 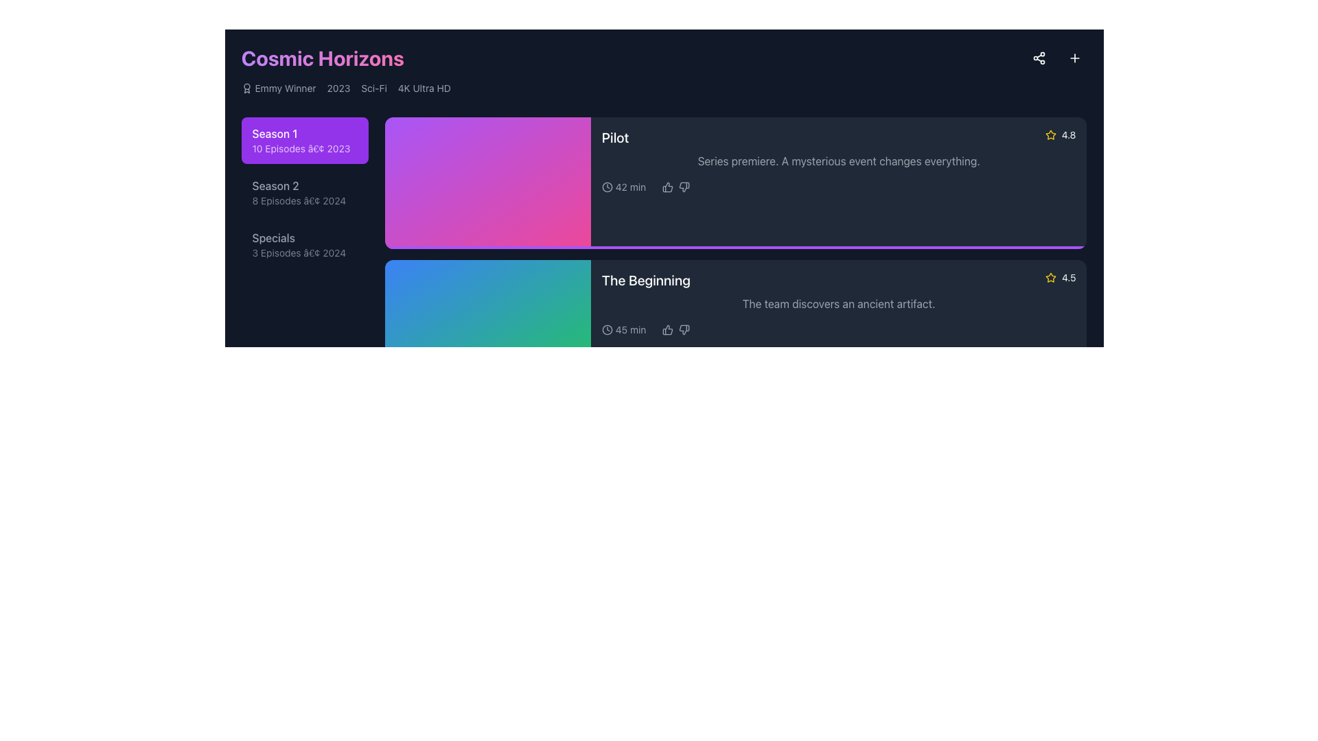 What do you see at coordinates (1068, 278) in the screenshot?
I see `the numerical rating text element located in the bottom-right corner of the lower card representing an episode, which follows a star icon` at bounding box center [1068, 278].